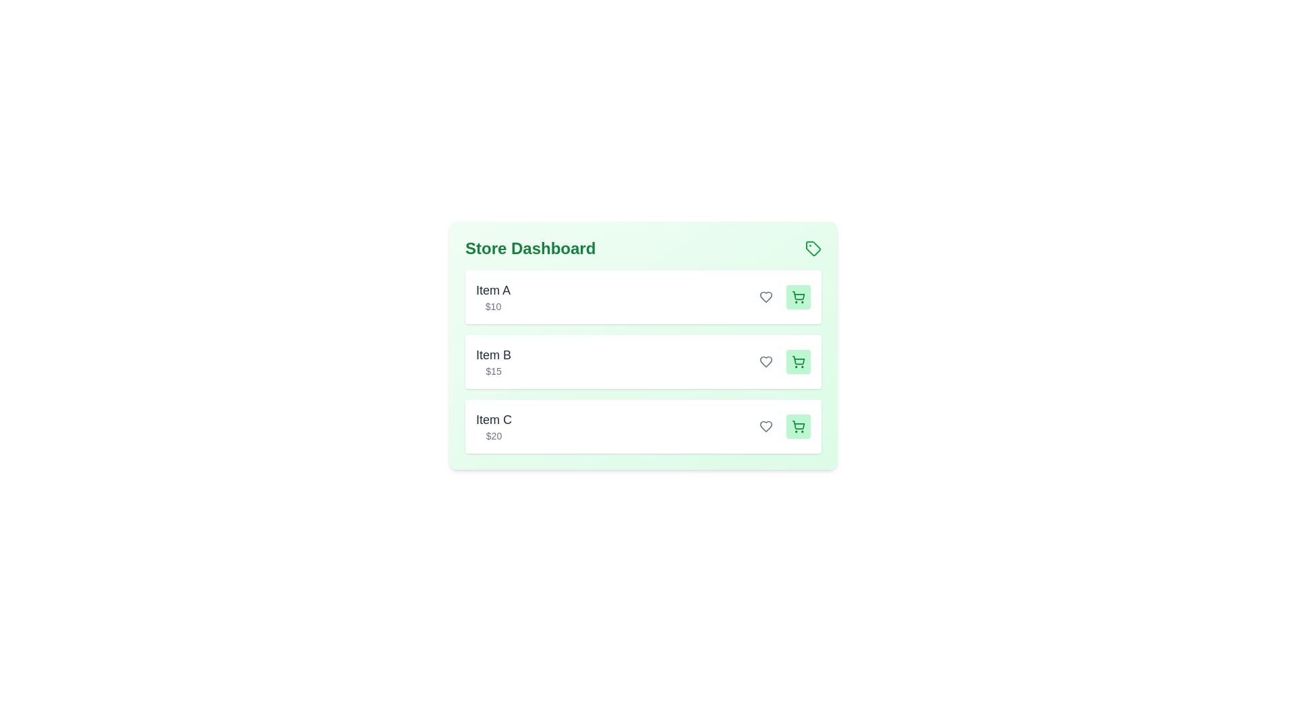 Image resolution: width=1295 pixels, height=728 pixels. I want to click on the green shopping cart icon located at the far-right end of the second item entry, so click(799, 359).